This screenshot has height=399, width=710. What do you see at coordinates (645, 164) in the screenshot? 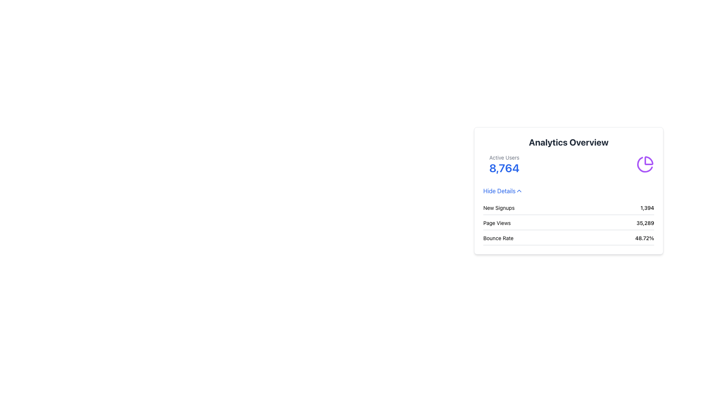
I see `the purple-colored pie chart icon located in the 'Analytics Overview' card at the top right corner, which resembles an abstract clock or chart composition` at bounding box center [645, 164].